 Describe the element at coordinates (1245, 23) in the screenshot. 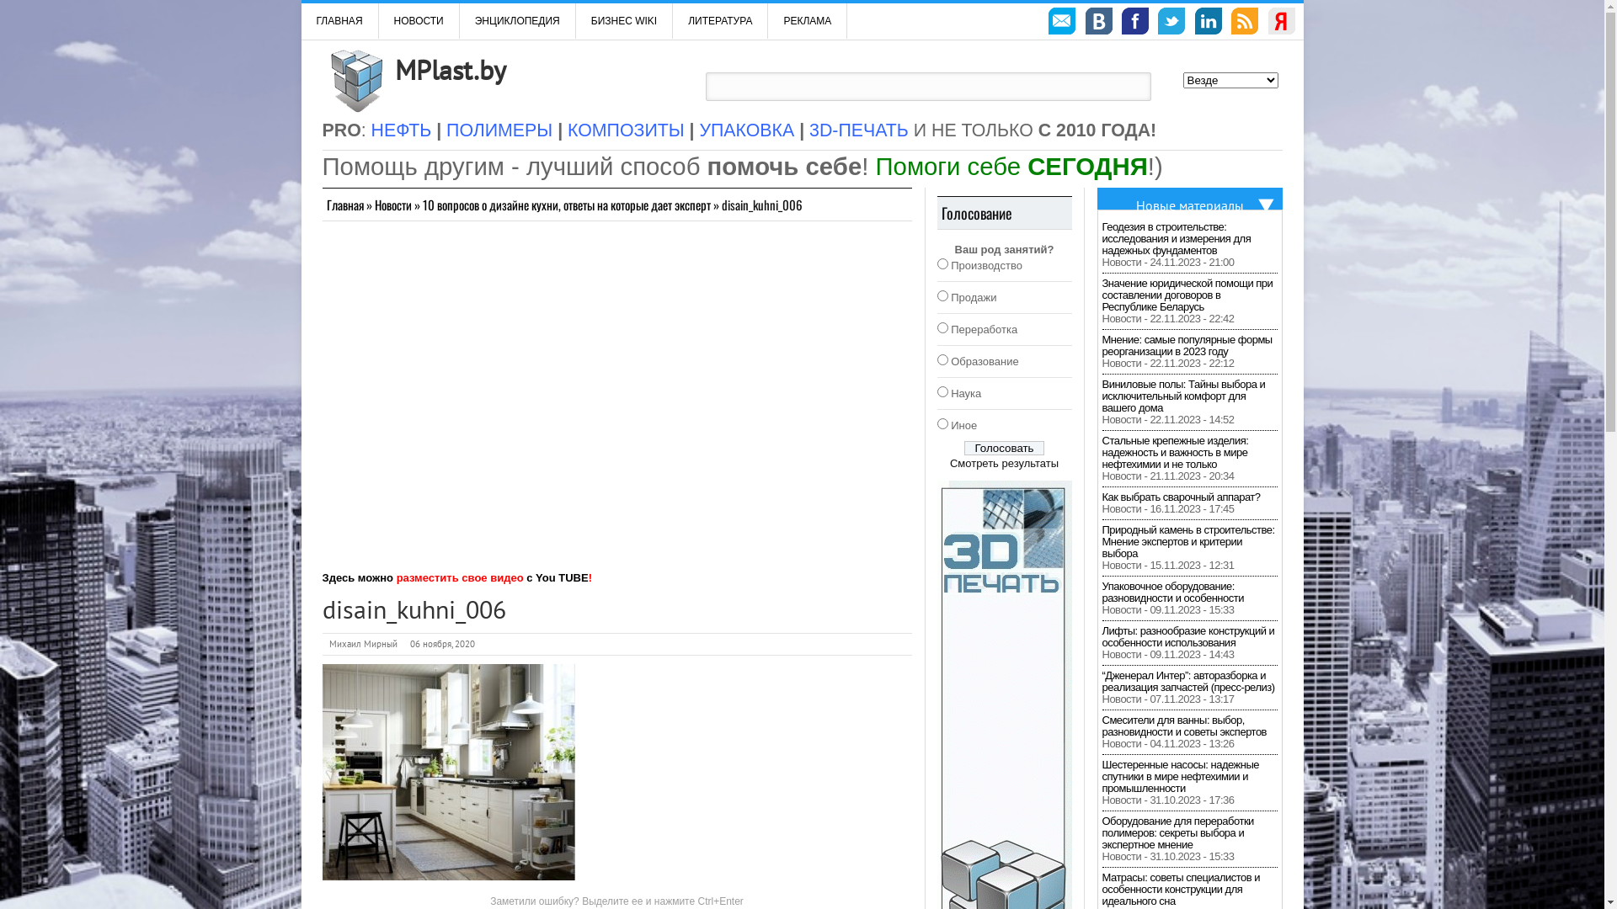

I see `'RSS Feed'` at that location.